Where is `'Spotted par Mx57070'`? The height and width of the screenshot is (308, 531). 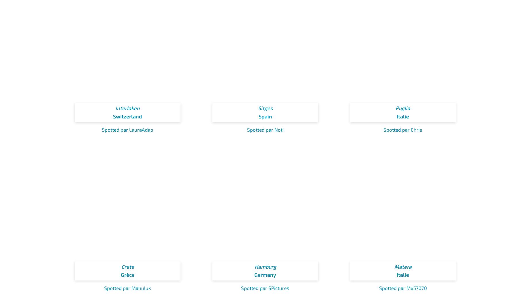 'Spotted par Mx57070' is located at coordinates (403, 287).